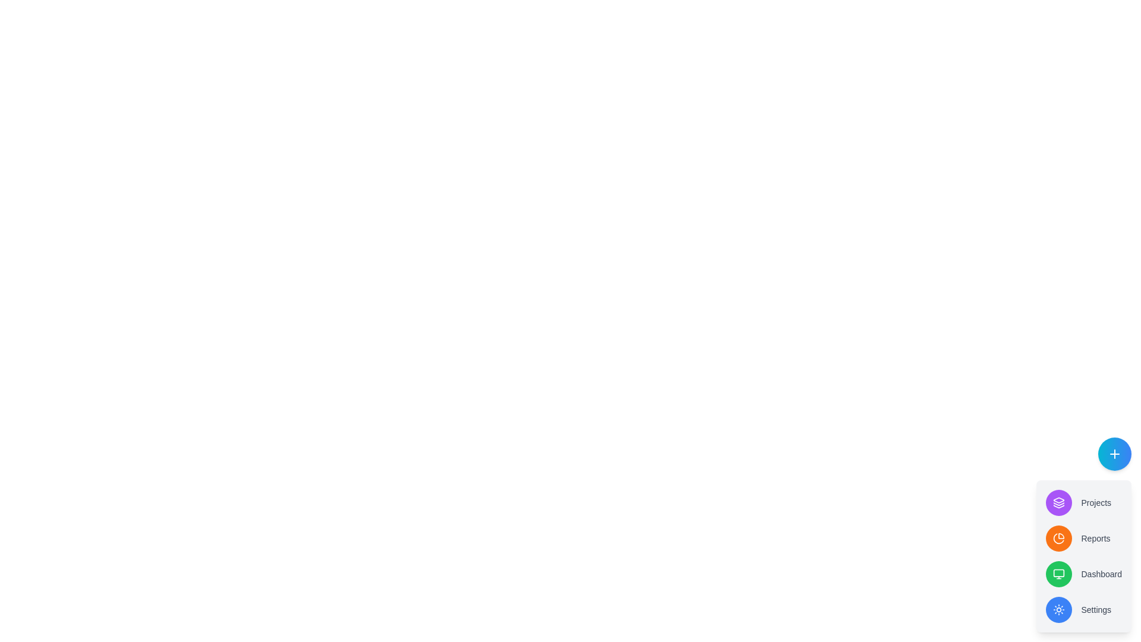  I want to click on the blue circular 'Settings' navigation button at the bottom of the vertical menu, so click(1083, 610).